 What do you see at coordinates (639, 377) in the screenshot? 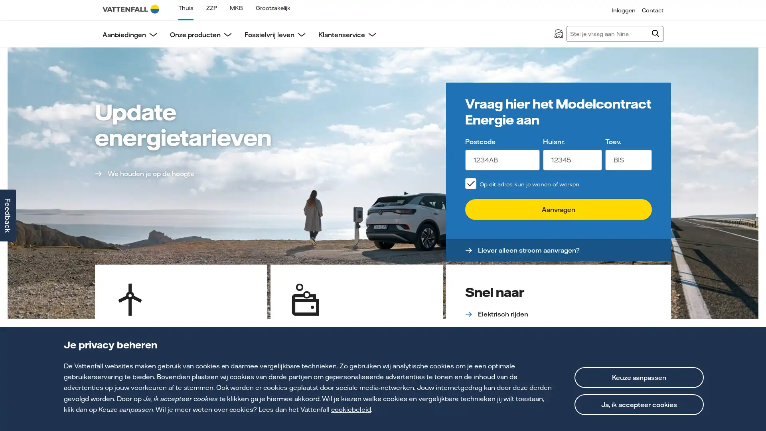
I see `Keuze aanpassen` at bounding box center [639, 377].